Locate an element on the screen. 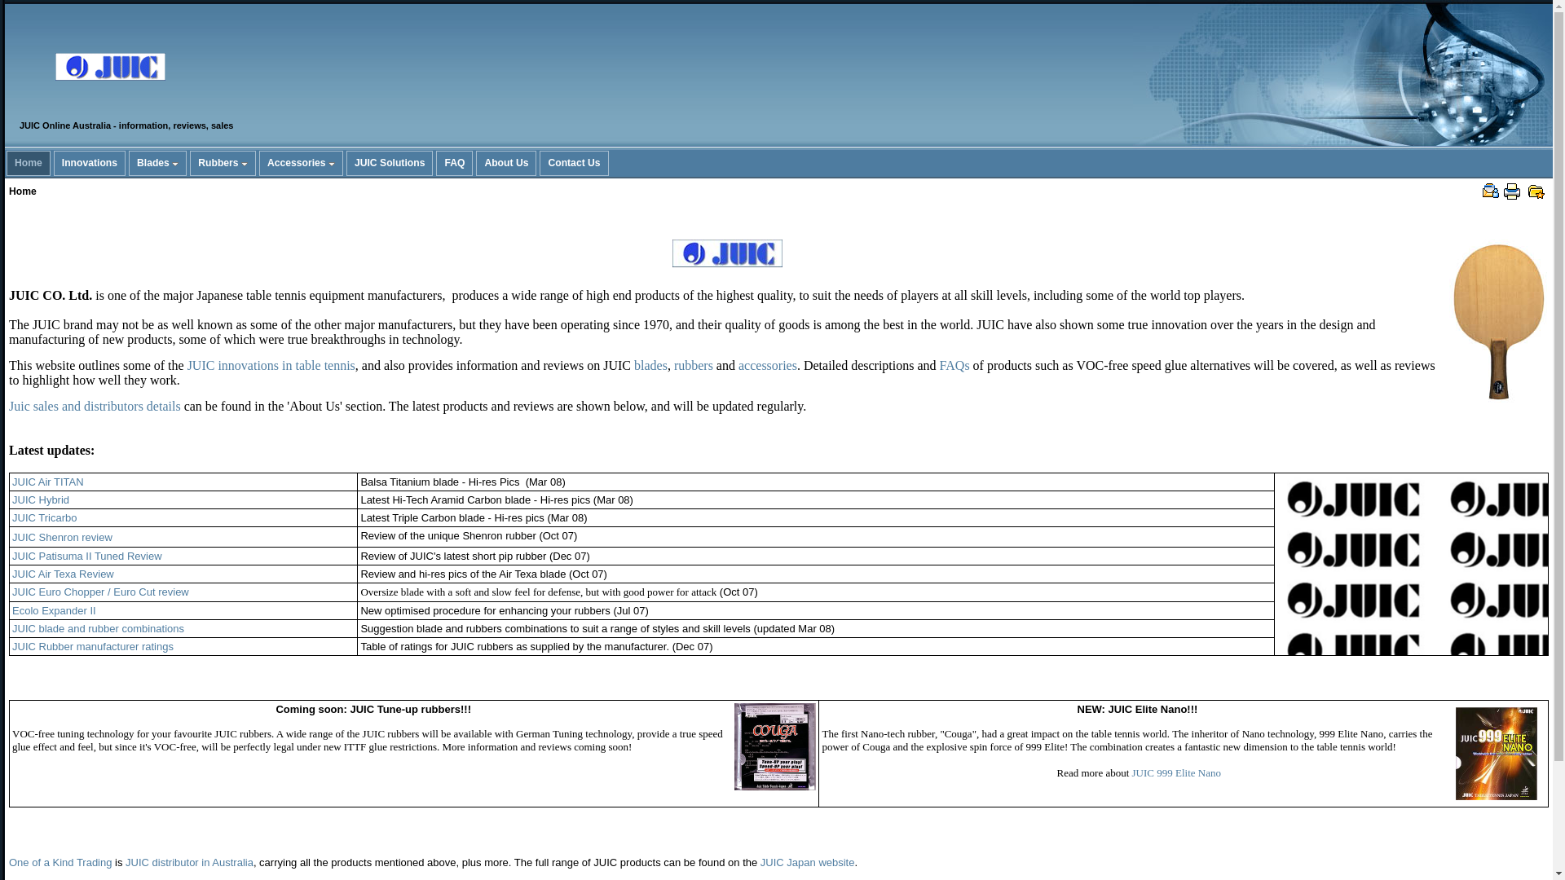  'blades' is located at coordinates (633, 364).